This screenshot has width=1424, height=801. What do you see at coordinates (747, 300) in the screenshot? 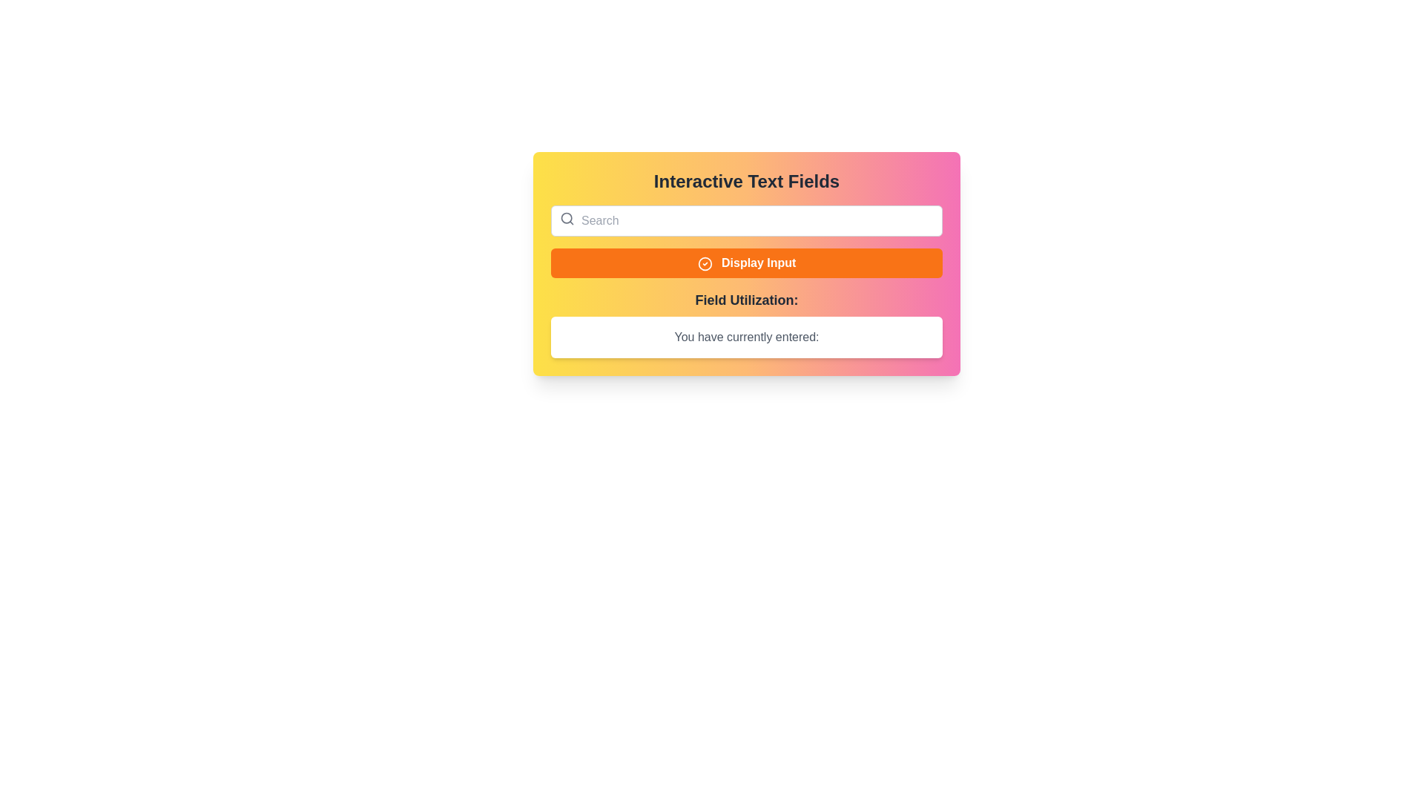
I see `the Static Text Label displaying 'Field Utilization:' which is styled in bold dark gray font, located below the 'Display Input' button and above 'You have currently entered:'` at bounding box center [747, 300].